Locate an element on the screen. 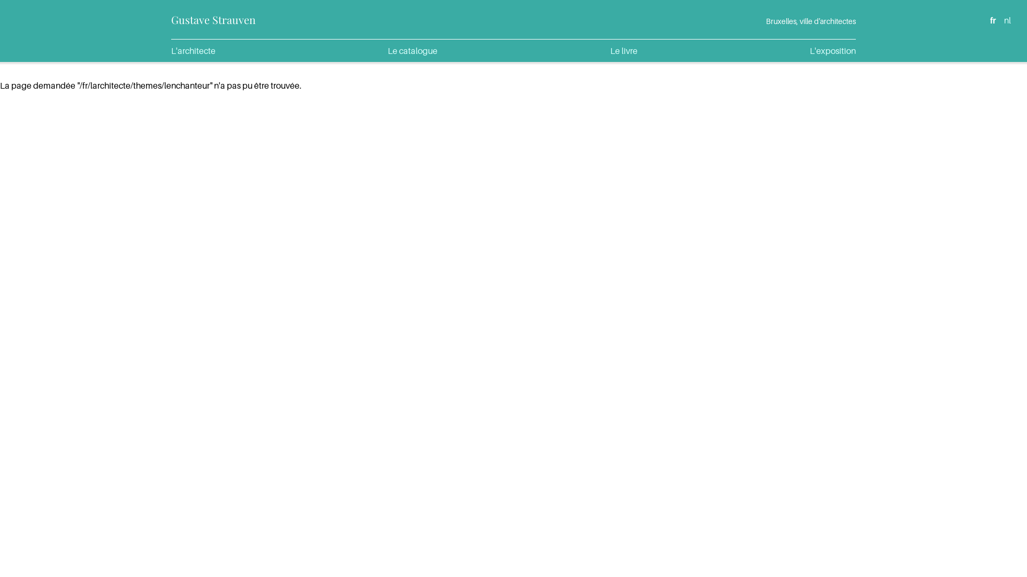 The width and height of the screenshot is (1027, 577). 'Le catalogue' is located at coordinates (412, 51).